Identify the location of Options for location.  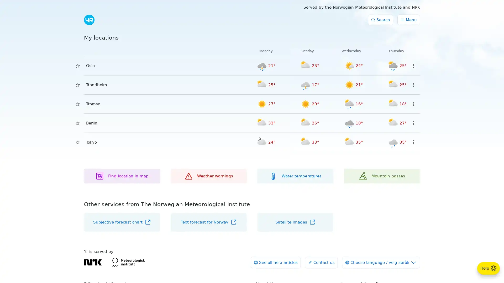
(413, 85).